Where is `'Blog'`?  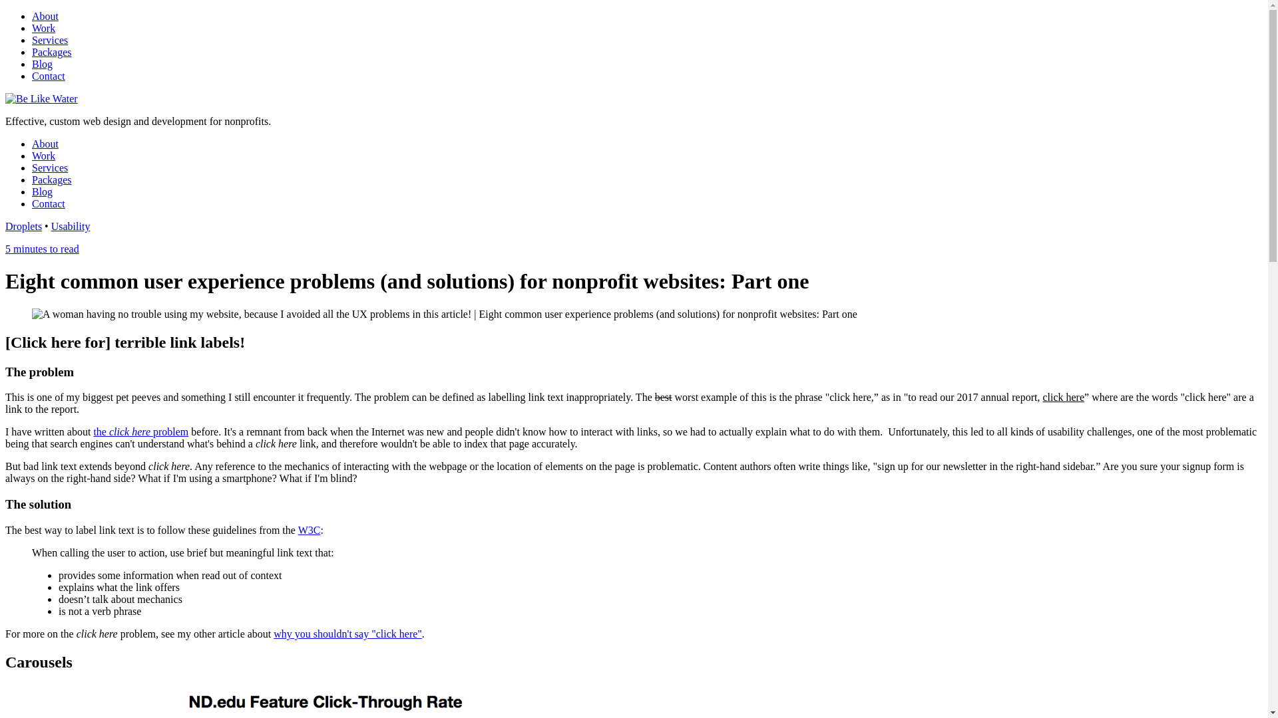 'Blog' is located at coordinates (42, 64).